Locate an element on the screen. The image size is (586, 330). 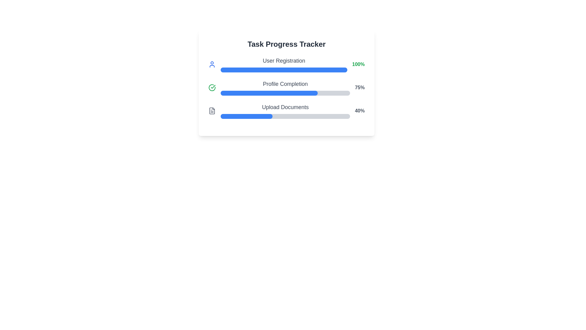
the checkmark icon within the circle of the 'Profile Completion' task in the task progress tracker is located at coordinates (213, 87).